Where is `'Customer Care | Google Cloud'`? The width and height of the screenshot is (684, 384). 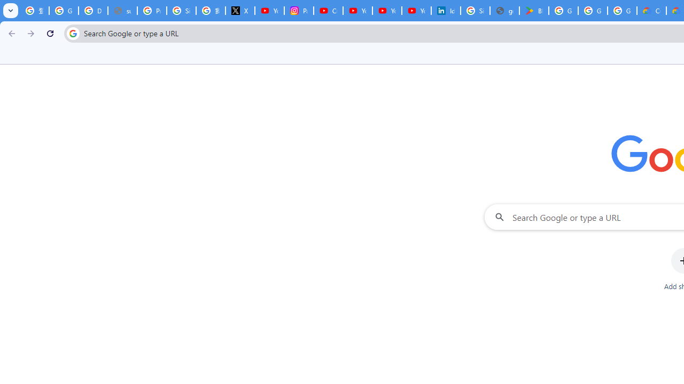
'Customer Care | Google Cloud' is located at coordinates (651, 11).